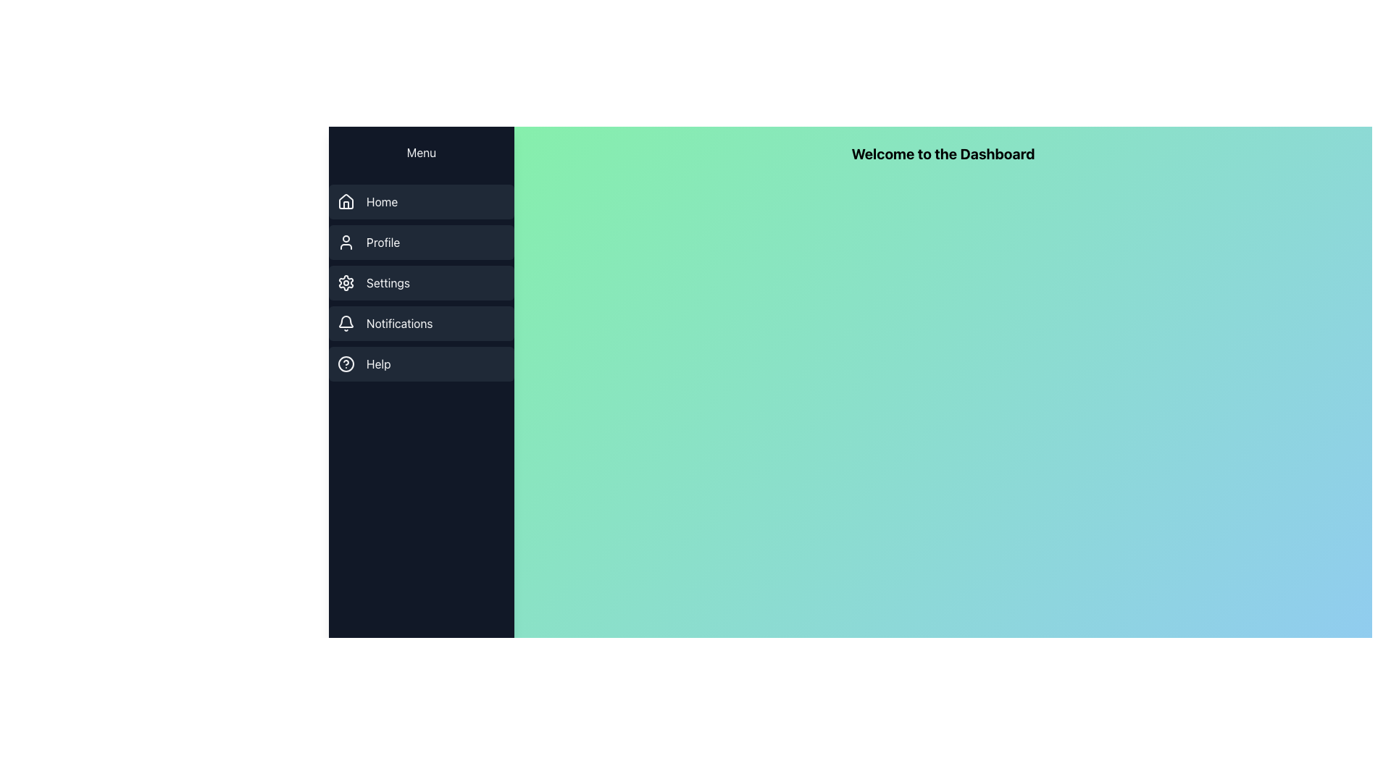 Image resolution: width=1391 pixels, height=782 pixels. What do you see at coordinates (378, 363) in the screenshot?
I see `the text label displaying 'Help' in white font, located in the left sidebar below the circular question mark icon` at bounding box center [378, 363].